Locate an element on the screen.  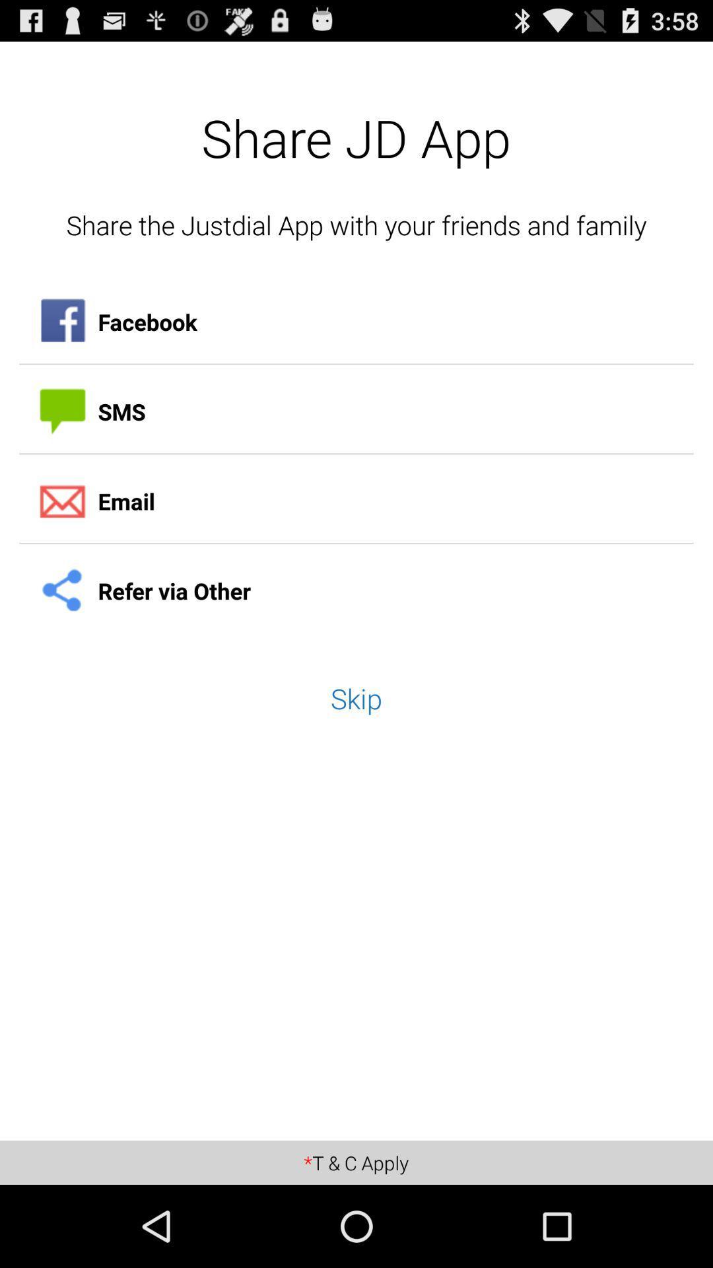
skip item is located at coordinates (356, 697).